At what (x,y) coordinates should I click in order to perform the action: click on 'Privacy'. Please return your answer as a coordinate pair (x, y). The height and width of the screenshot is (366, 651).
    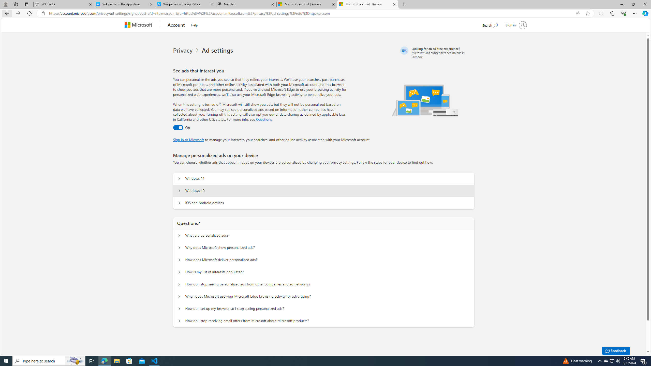
    Looking at the image, I should click on (183, 50).